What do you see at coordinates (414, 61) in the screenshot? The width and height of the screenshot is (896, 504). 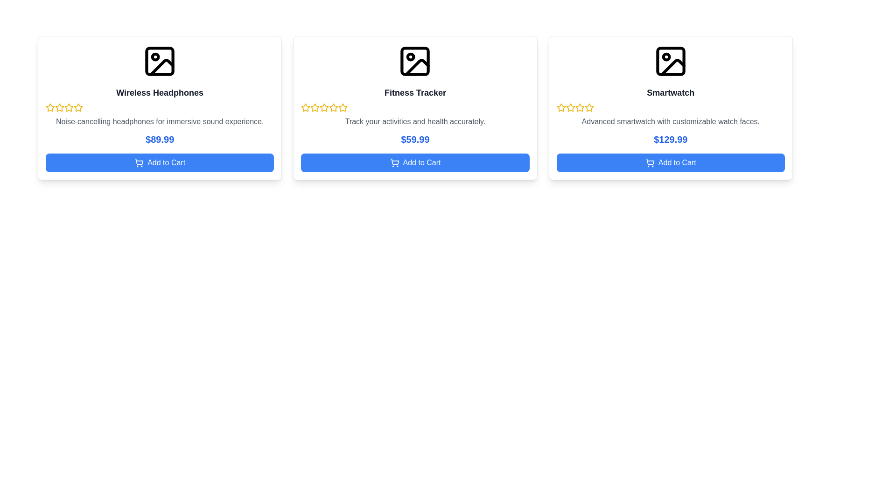 I see `the centered product placeholder icon representing a 'Fitness Tracker' within the middle card layout` at bounding box center [414, 61].